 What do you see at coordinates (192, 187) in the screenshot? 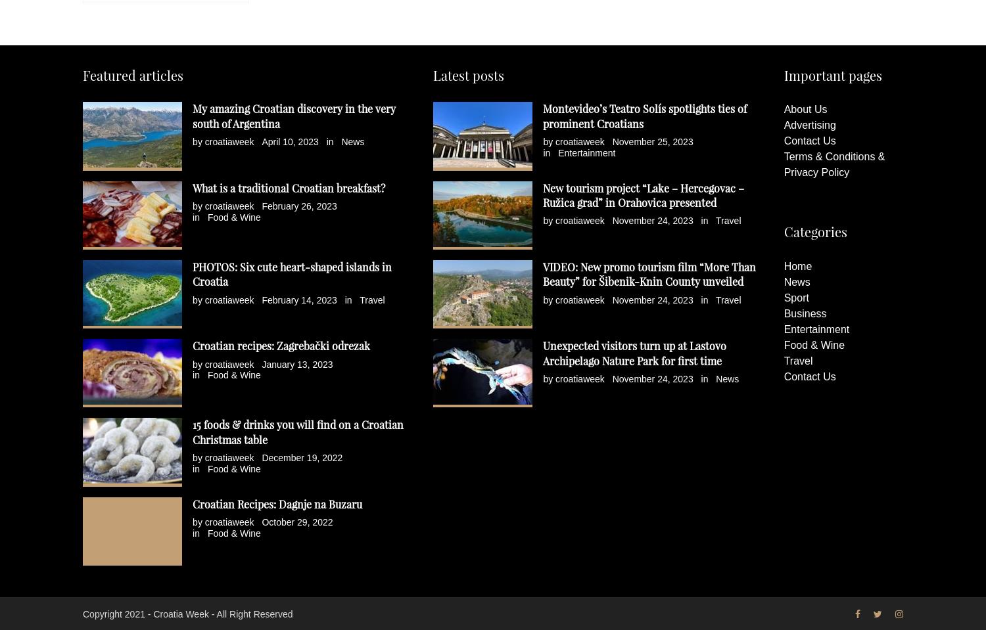
I see `'What is a traditional Croatian breakfast?'` at bounding box center [192, 187].